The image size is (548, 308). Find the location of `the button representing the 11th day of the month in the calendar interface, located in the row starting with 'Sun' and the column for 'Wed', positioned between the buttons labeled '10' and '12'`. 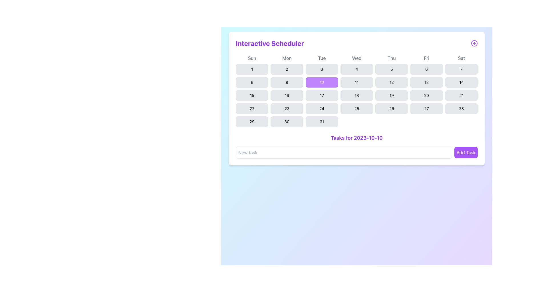

the button representing the 11th day of the month in the calendar interface, located in the row starting with 'Sun' and the column for 'Wed', positioned between the buttons labeled '10' and '12' is located at coordinates (356, 82).